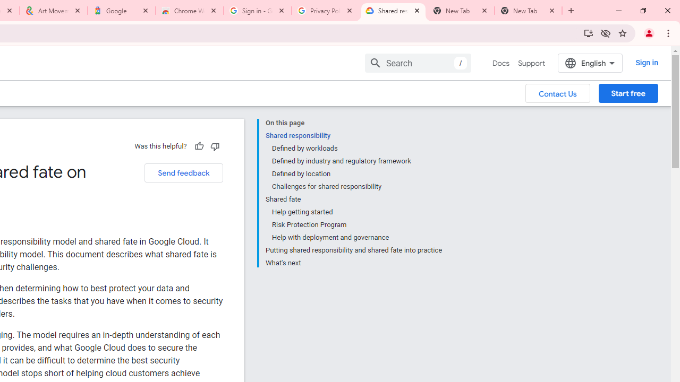 This screenshot has width=680, height=382. I want to click on 'Defined by workloads', so click(356, 149).